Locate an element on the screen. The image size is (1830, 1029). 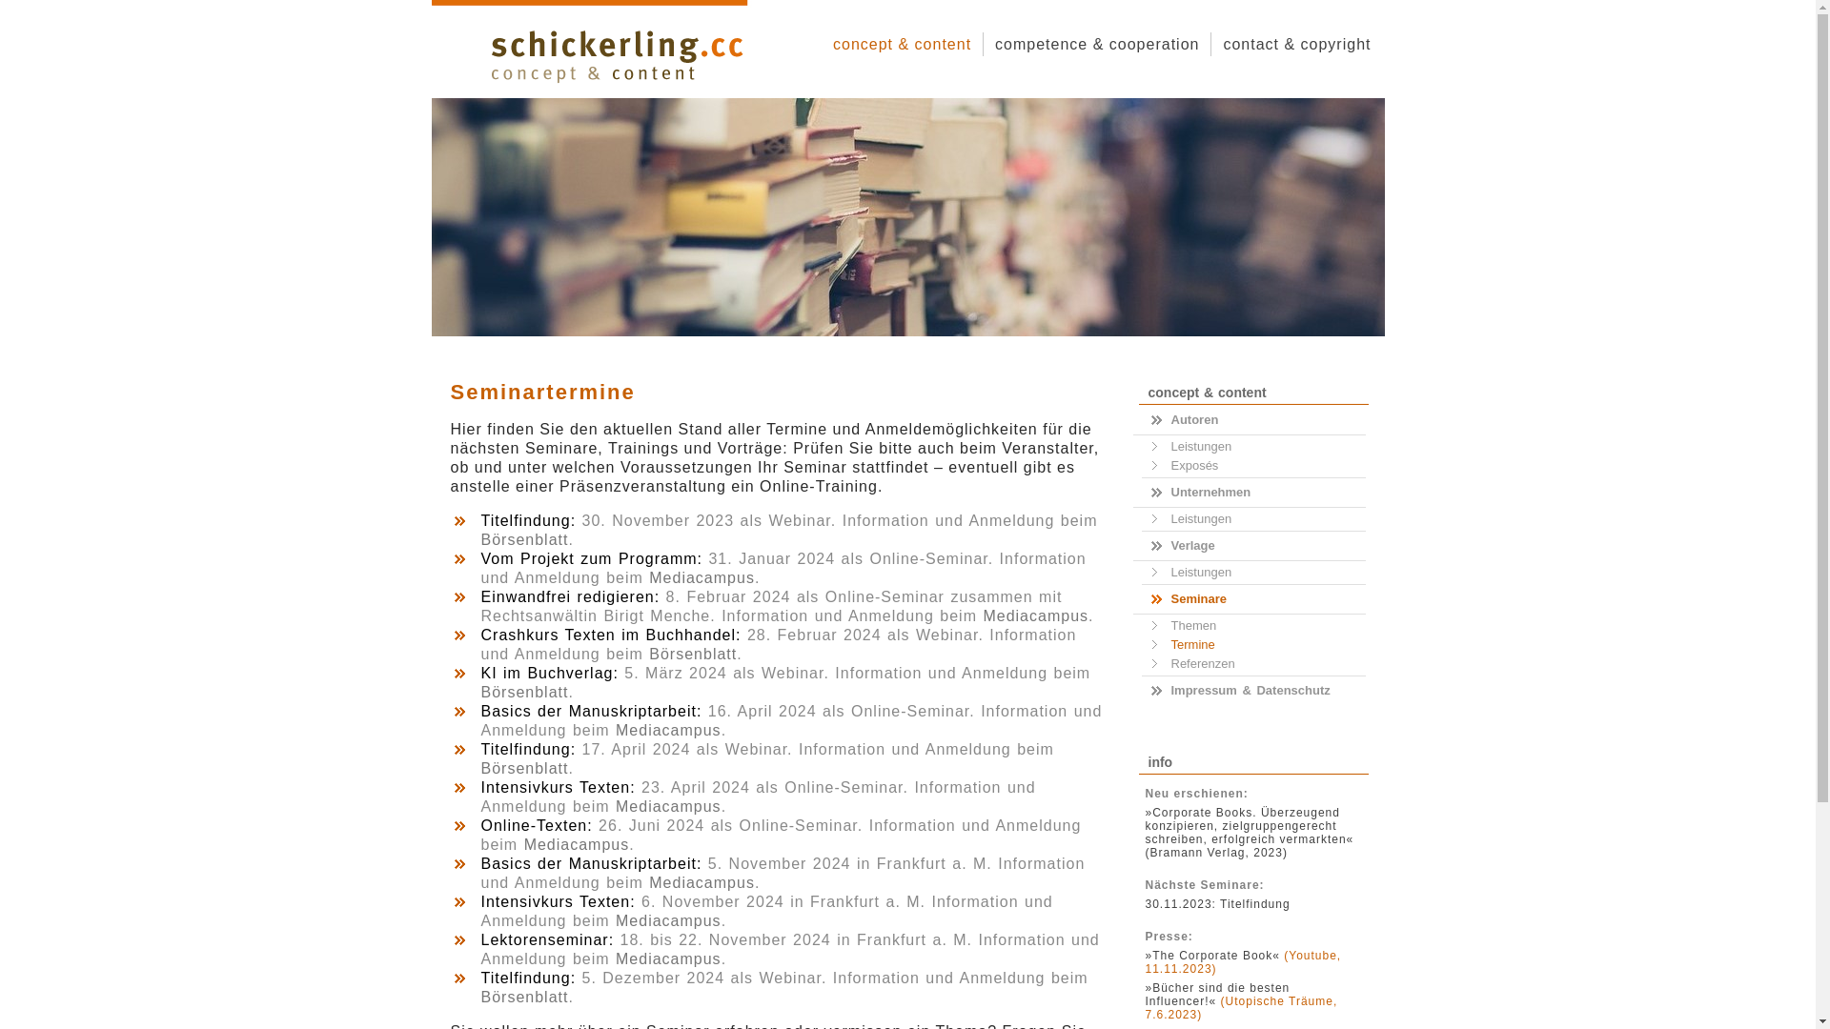
'Seminare' is located at coordinates (1142, 597).